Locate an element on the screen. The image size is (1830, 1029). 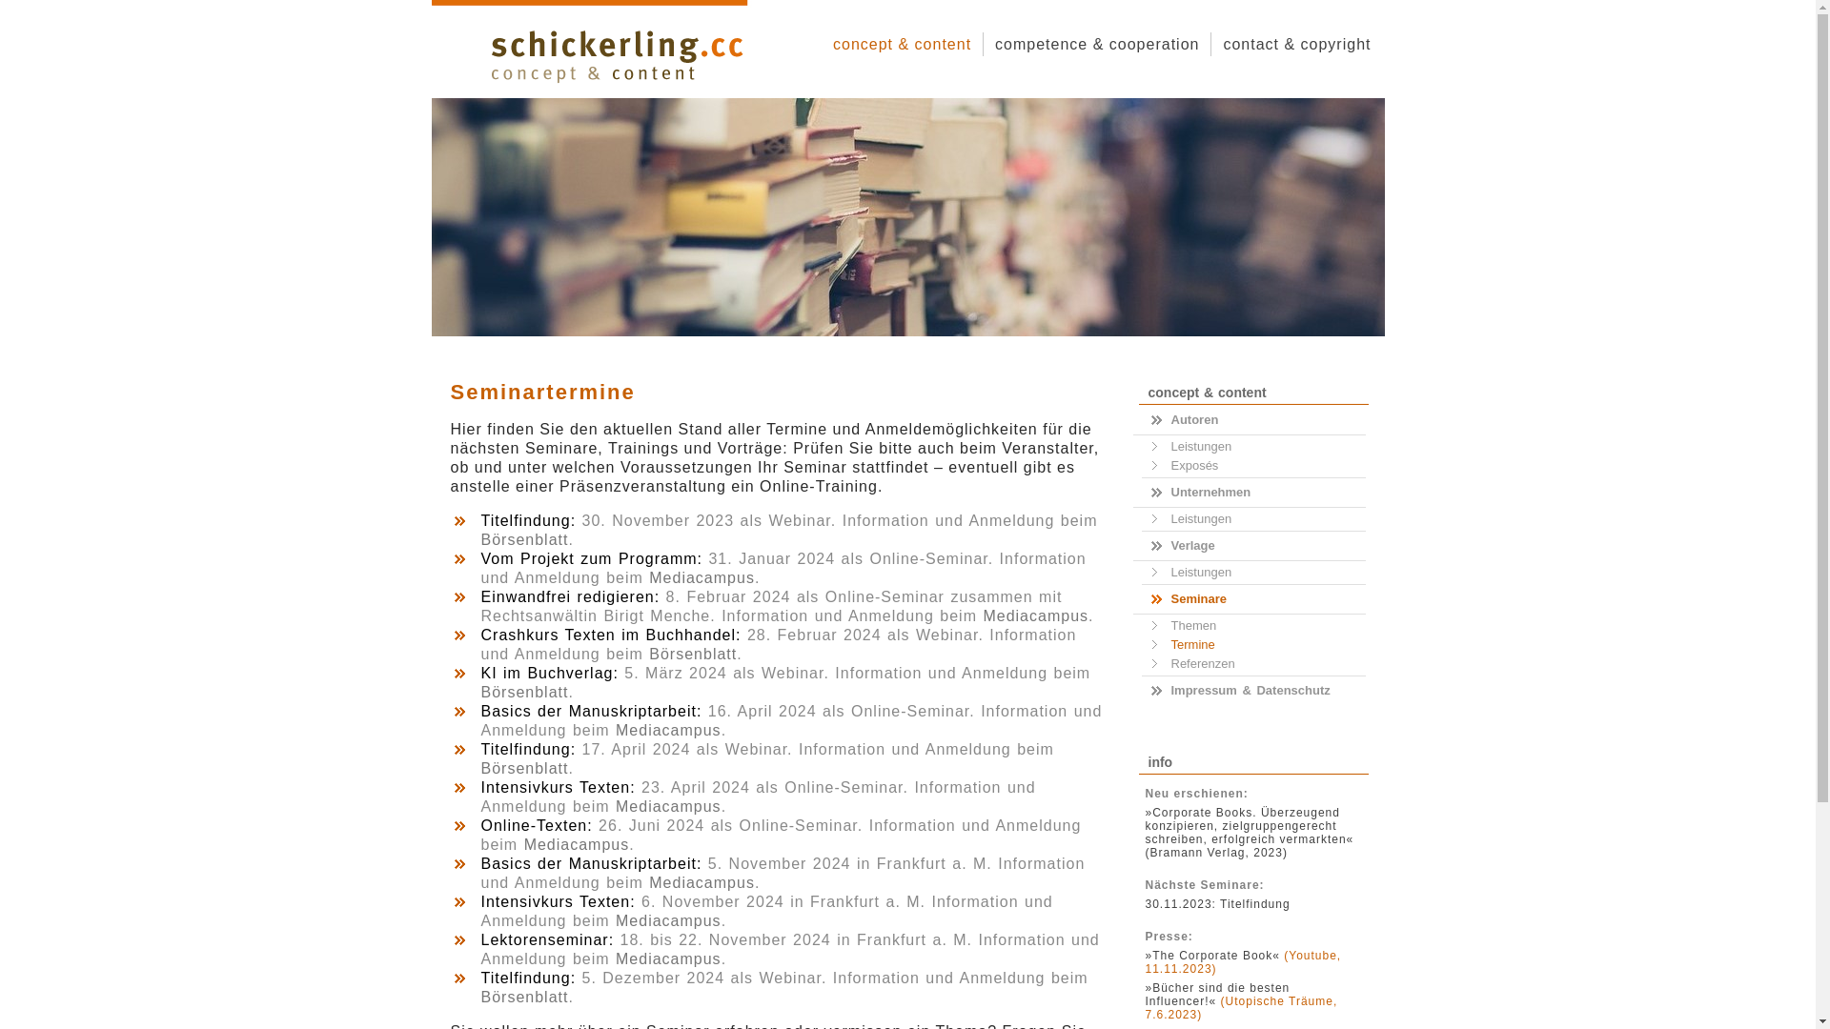
'Seminare' is located at coordinates (1142, 597).